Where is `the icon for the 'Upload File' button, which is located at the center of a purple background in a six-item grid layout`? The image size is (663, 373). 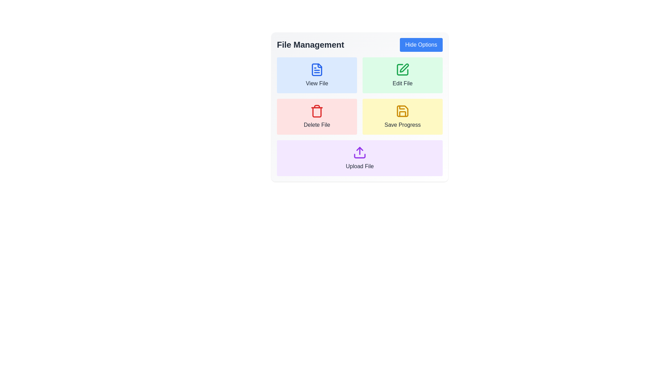 the icon for the 'Upload File' button, which is located at the center of a purple background in a six-item grid layout is located at coordinates (359, 152).